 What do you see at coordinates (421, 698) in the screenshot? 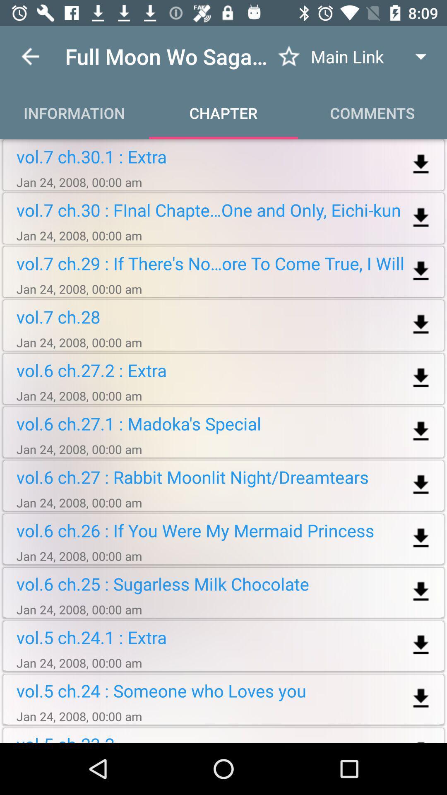
I see `download` at bounding box center [421, 698].